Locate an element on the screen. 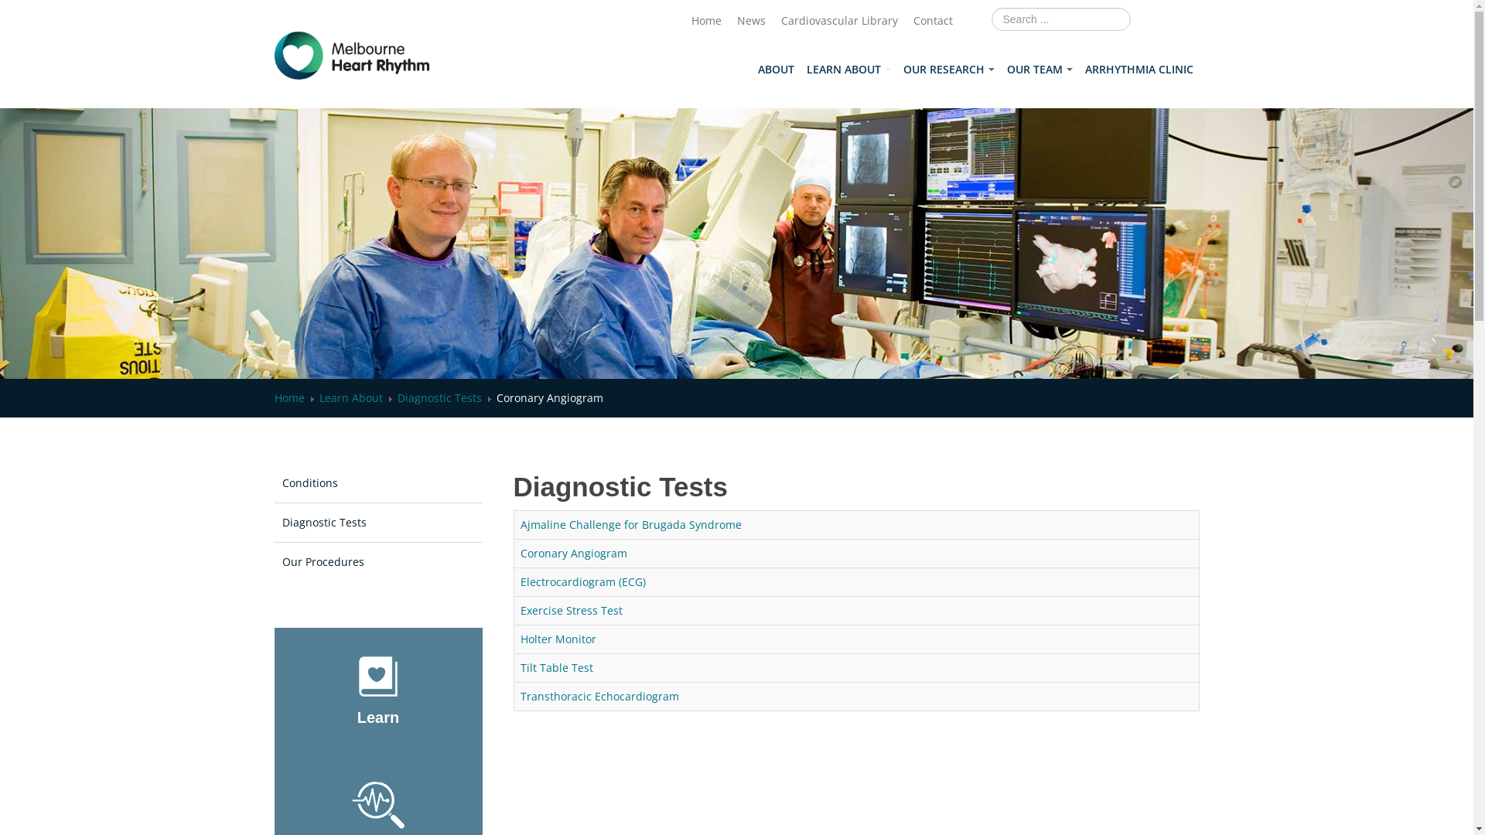 This screenshot has height=835, width=1485. 'Melbourne Hearth Rhythm' is located at coordinates (352, 55).